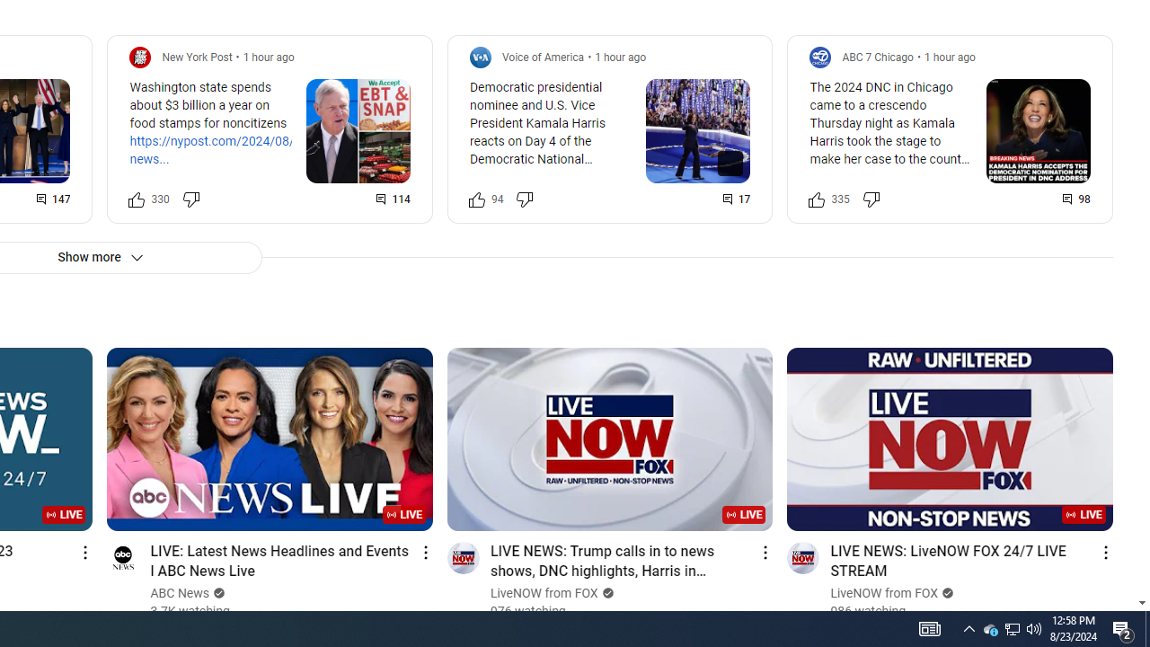 This screenshot has width=1150, height=647. Describe the element at coordinates (197, 56) in the screenshot. I see `'New York Post'` at that location.